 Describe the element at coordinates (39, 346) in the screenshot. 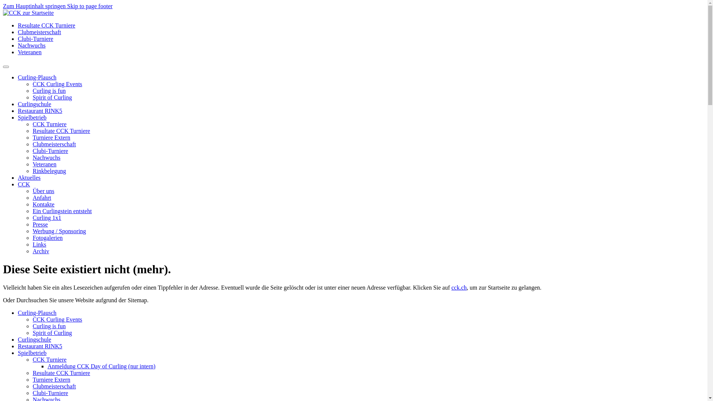

I see `'Restaurant RINK5'` at that location.